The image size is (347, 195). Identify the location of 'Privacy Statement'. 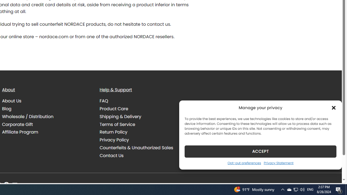
(278, 162).